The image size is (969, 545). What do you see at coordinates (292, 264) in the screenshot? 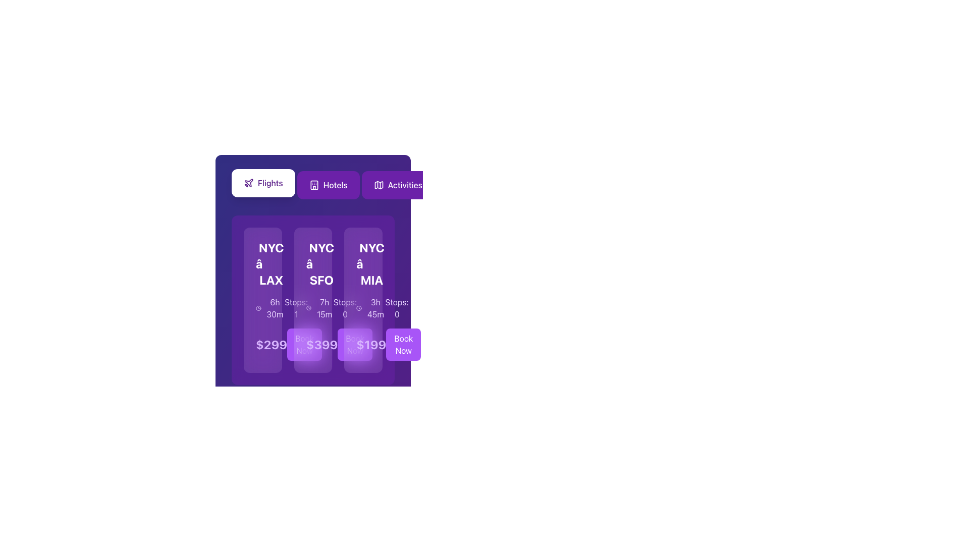
I see `circular graphical icon of the clock located in the second card of the horizontally arranged set of cards by using developer tools` at bounding box center [292, 264].